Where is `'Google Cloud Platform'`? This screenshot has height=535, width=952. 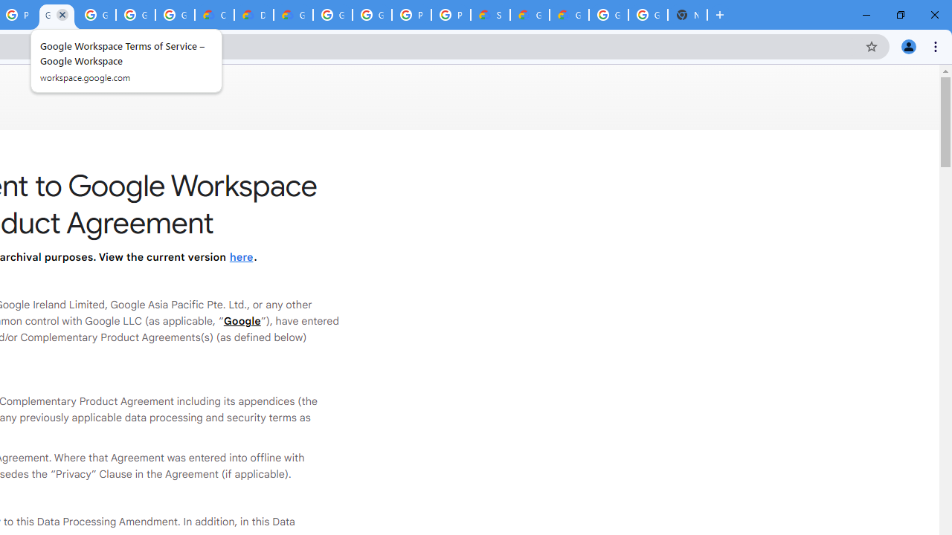 'Google Cloud Platform' is located at coordinates (648, 15).